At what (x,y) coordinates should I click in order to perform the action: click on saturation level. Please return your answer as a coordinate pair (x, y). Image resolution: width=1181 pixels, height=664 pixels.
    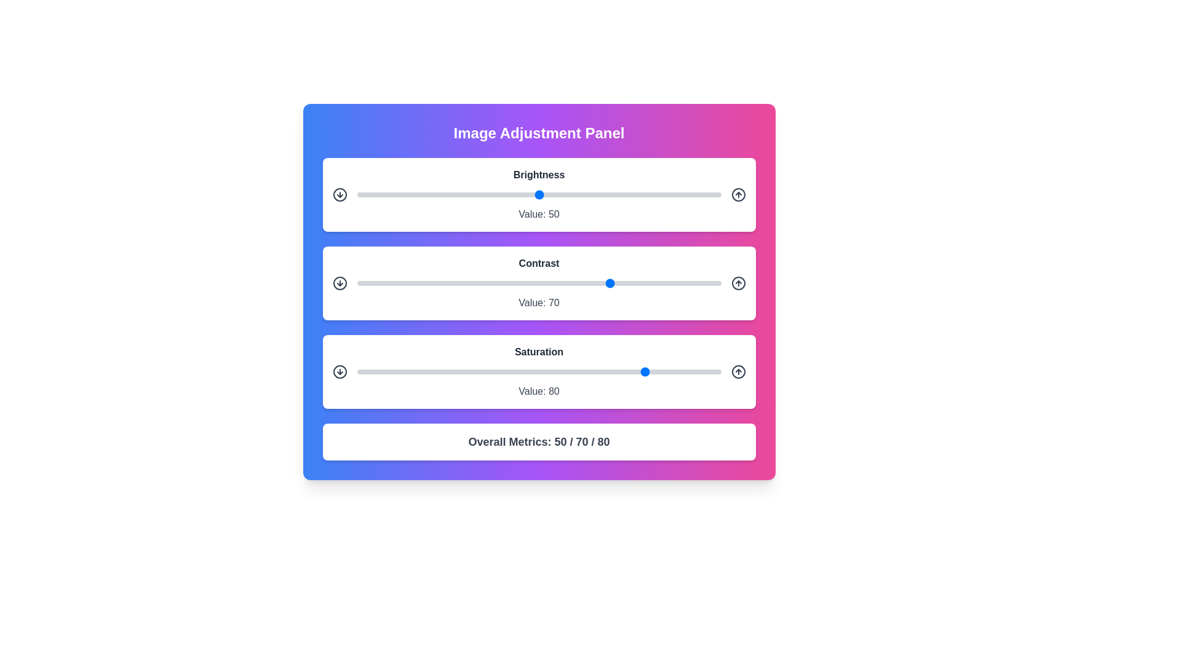
    Looking at the image, I should click on (608, 371).